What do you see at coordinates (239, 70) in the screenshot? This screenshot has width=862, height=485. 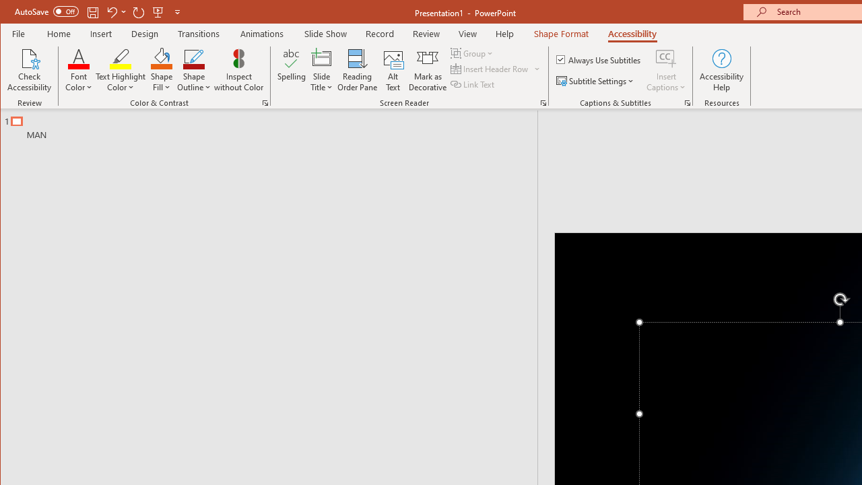 I see `'Inspect without Color'` at bounding box center [239, 70].